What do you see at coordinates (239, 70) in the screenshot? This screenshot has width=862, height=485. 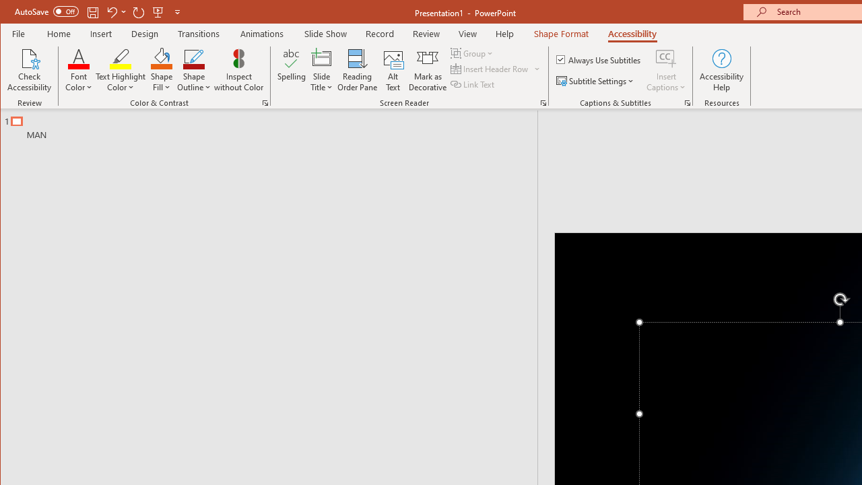 I see `'Inspect without Color'` at bounding box center [239, 70].